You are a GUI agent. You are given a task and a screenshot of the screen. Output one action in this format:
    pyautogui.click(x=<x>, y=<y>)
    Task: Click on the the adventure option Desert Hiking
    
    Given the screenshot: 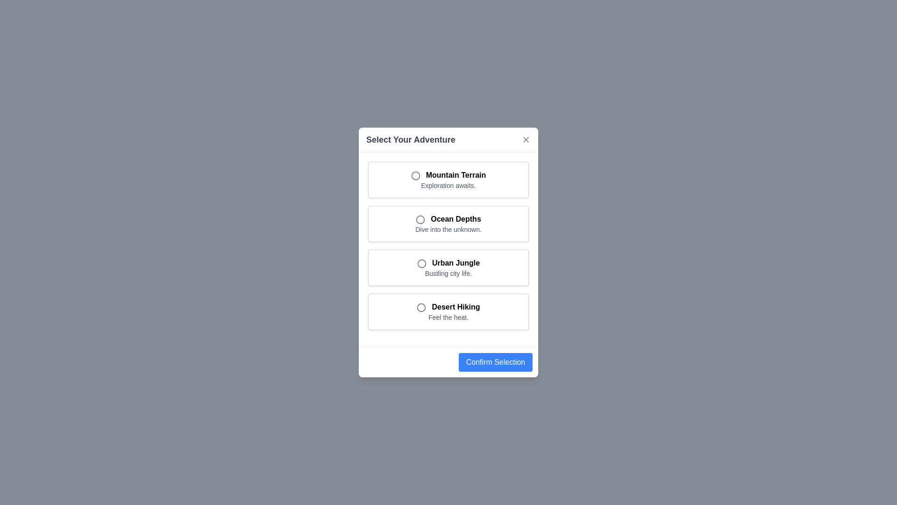 What is the action you would take?
    pyautogui.click(x=448, y=312)
    